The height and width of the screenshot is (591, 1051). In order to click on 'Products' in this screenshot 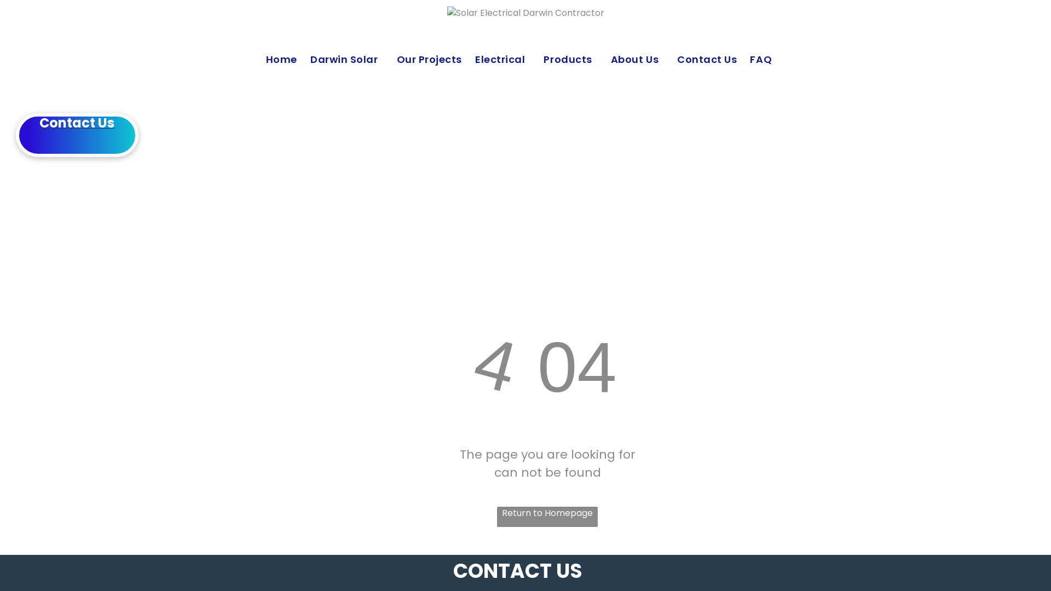, I will do `click(576, 59)`.